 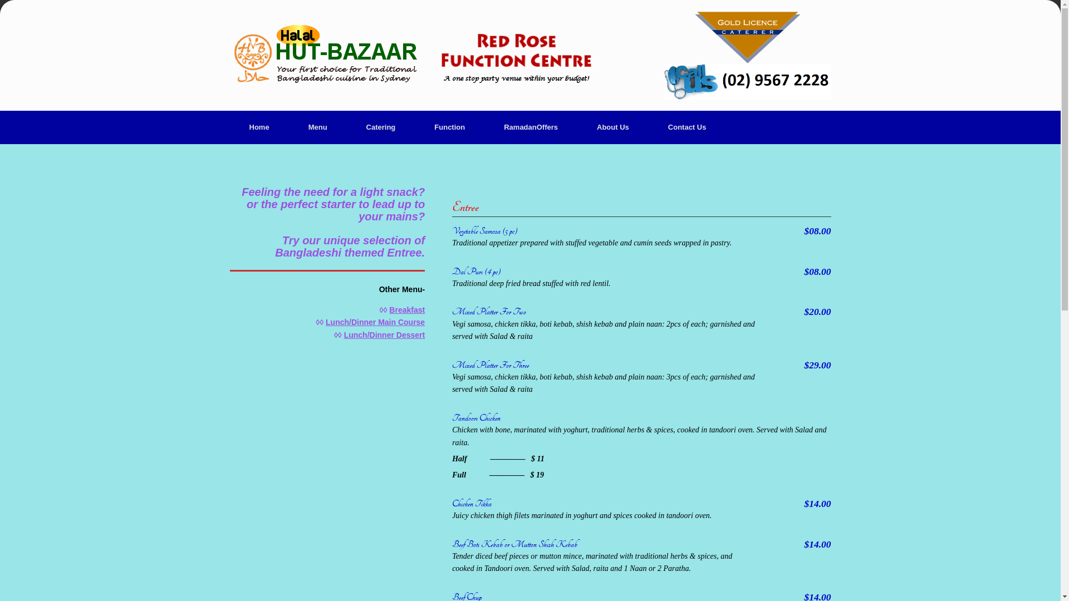 What do you see at coordinates (484, 126) in the screenshot?
I see `'RamadanOffers'` at bounding box center [484, 126].